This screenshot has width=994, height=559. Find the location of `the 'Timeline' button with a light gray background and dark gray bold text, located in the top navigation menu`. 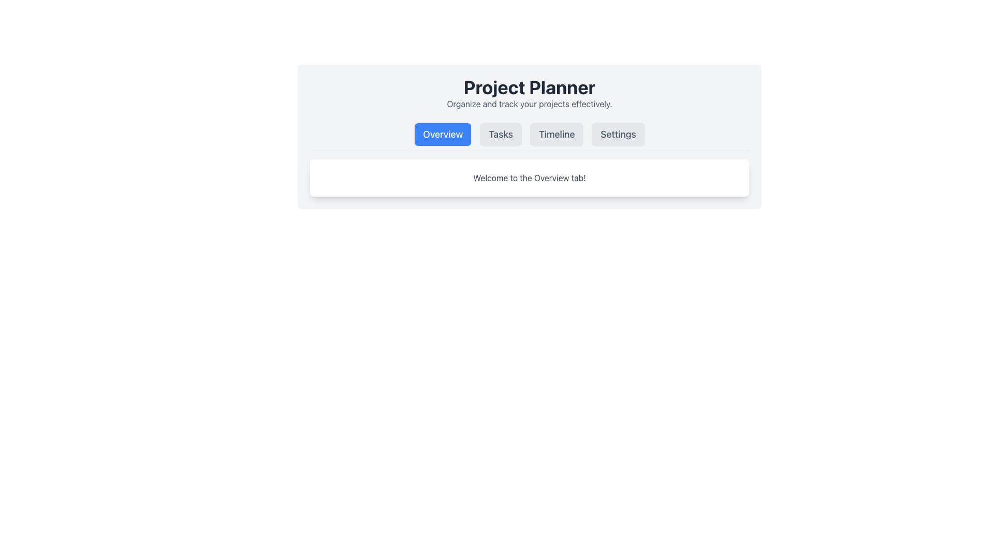

the 'Timeline' button with a light gray background and dark gray bold text, located in the top navigation menu is located at coordinates (556, 134).